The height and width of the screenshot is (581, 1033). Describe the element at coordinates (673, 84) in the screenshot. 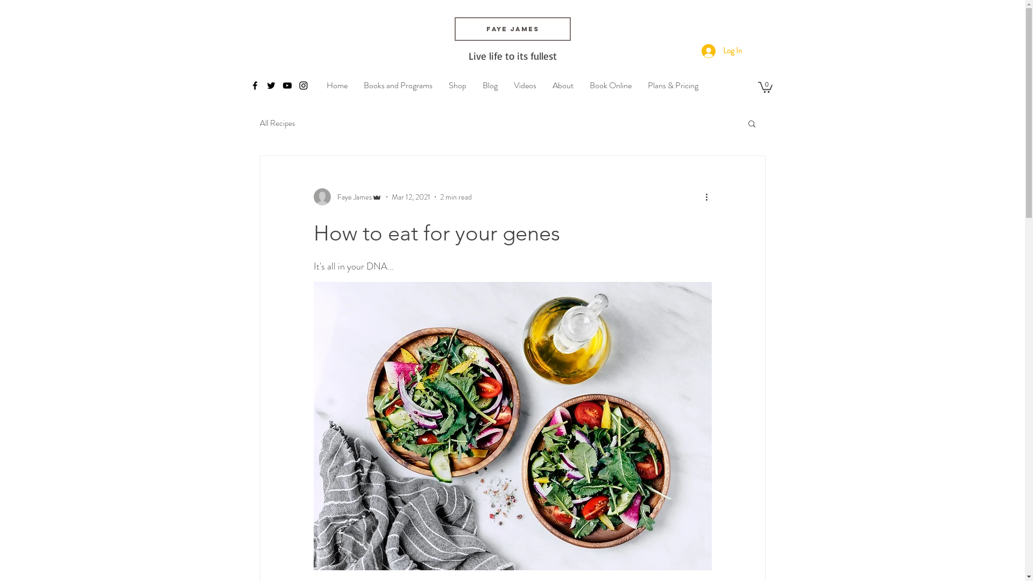

I see `'Plans & Pricing'` at that location.